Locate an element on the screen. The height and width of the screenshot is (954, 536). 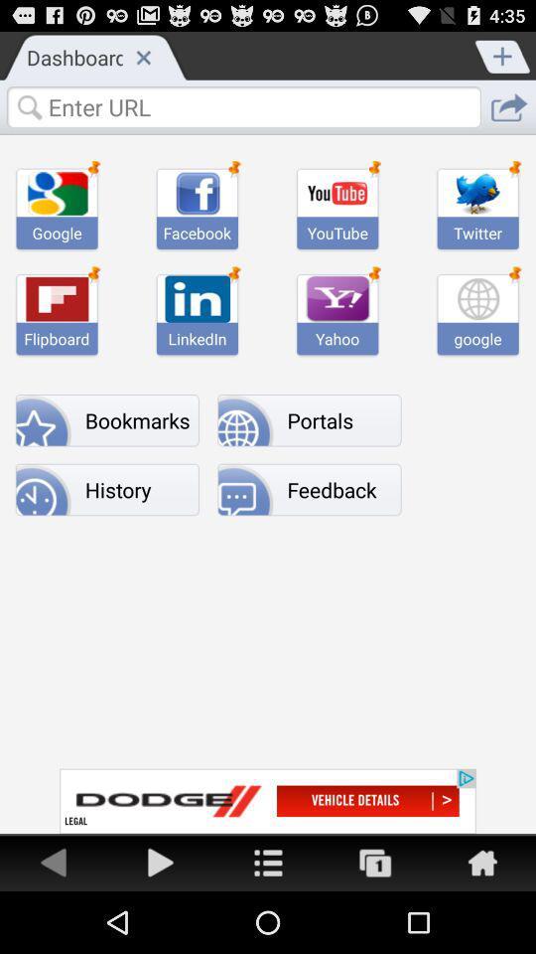
the arrow_backward icon is located at coordinates (54, 922).